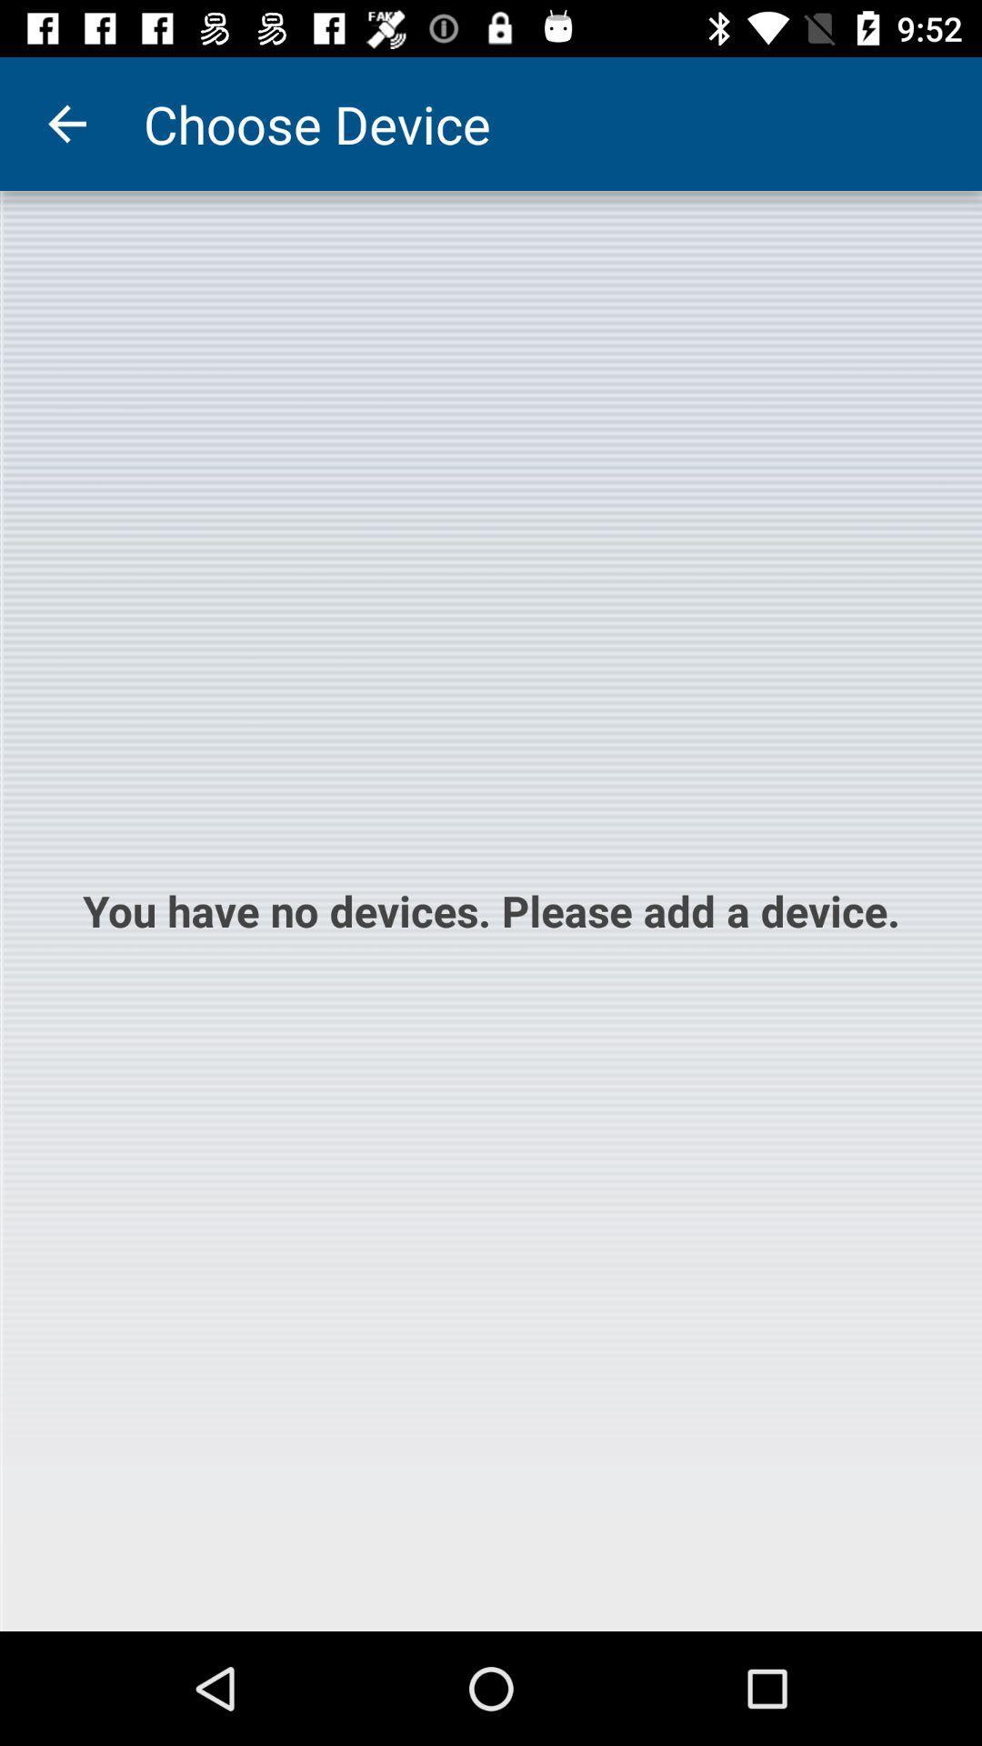 The height and width of the screenshot is (1746, 982). Describe the element at coordinates (65, 123) in the screenshot. I see `icon next to the choose device icon` at that location.